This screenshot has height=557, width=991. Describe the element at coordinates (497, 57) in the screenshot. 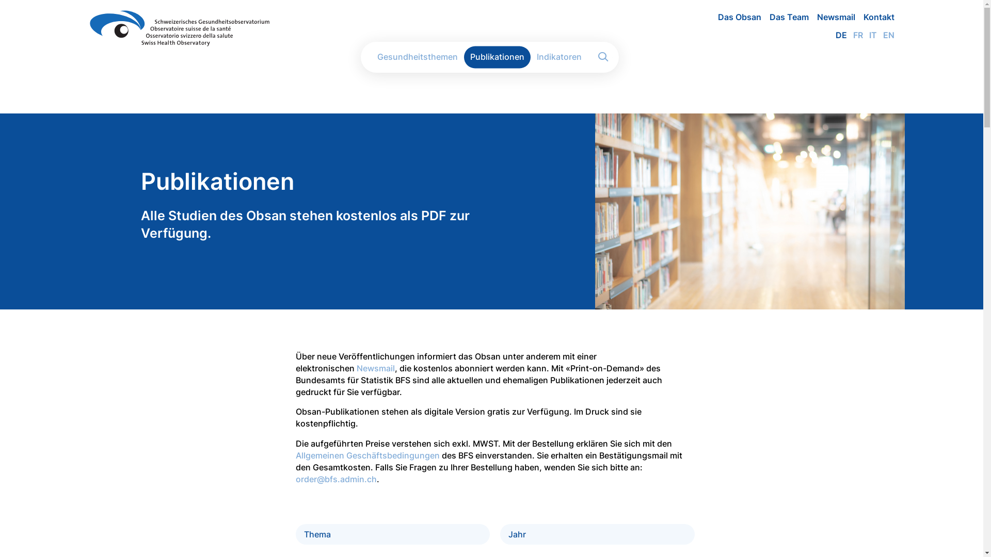

I see `'Publikationen'` at that location.